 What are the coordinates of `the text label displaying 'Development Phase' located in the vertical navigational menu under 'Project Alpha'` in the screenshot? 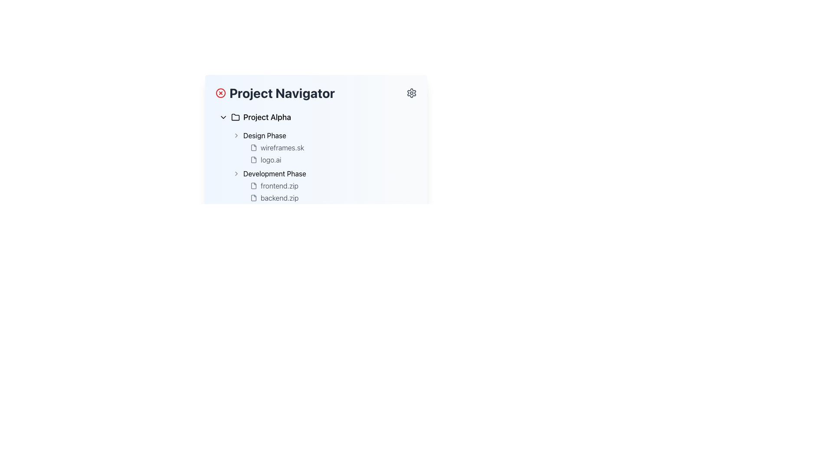 It's located at (274, 174).